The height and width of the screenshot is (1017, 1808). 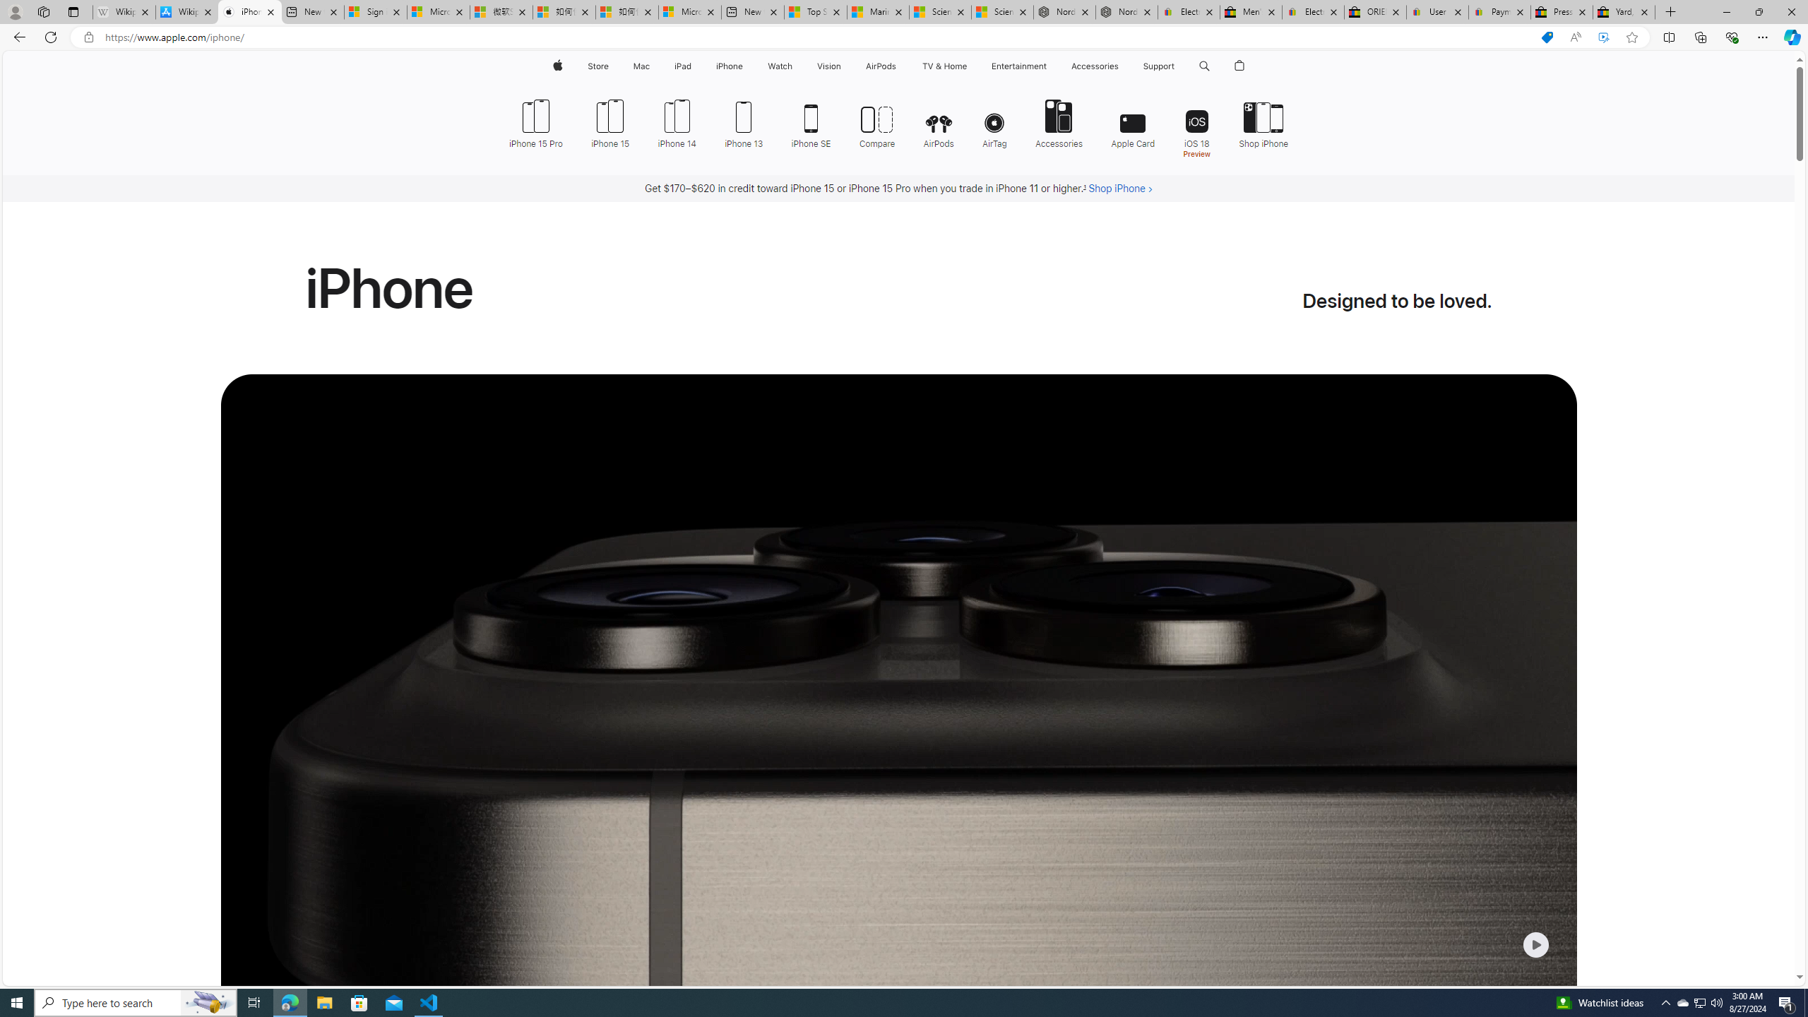 What do you see at coordinates (1158, 66) in the screenshot?
I see `'Support'` at bounding box center [1158, 66].